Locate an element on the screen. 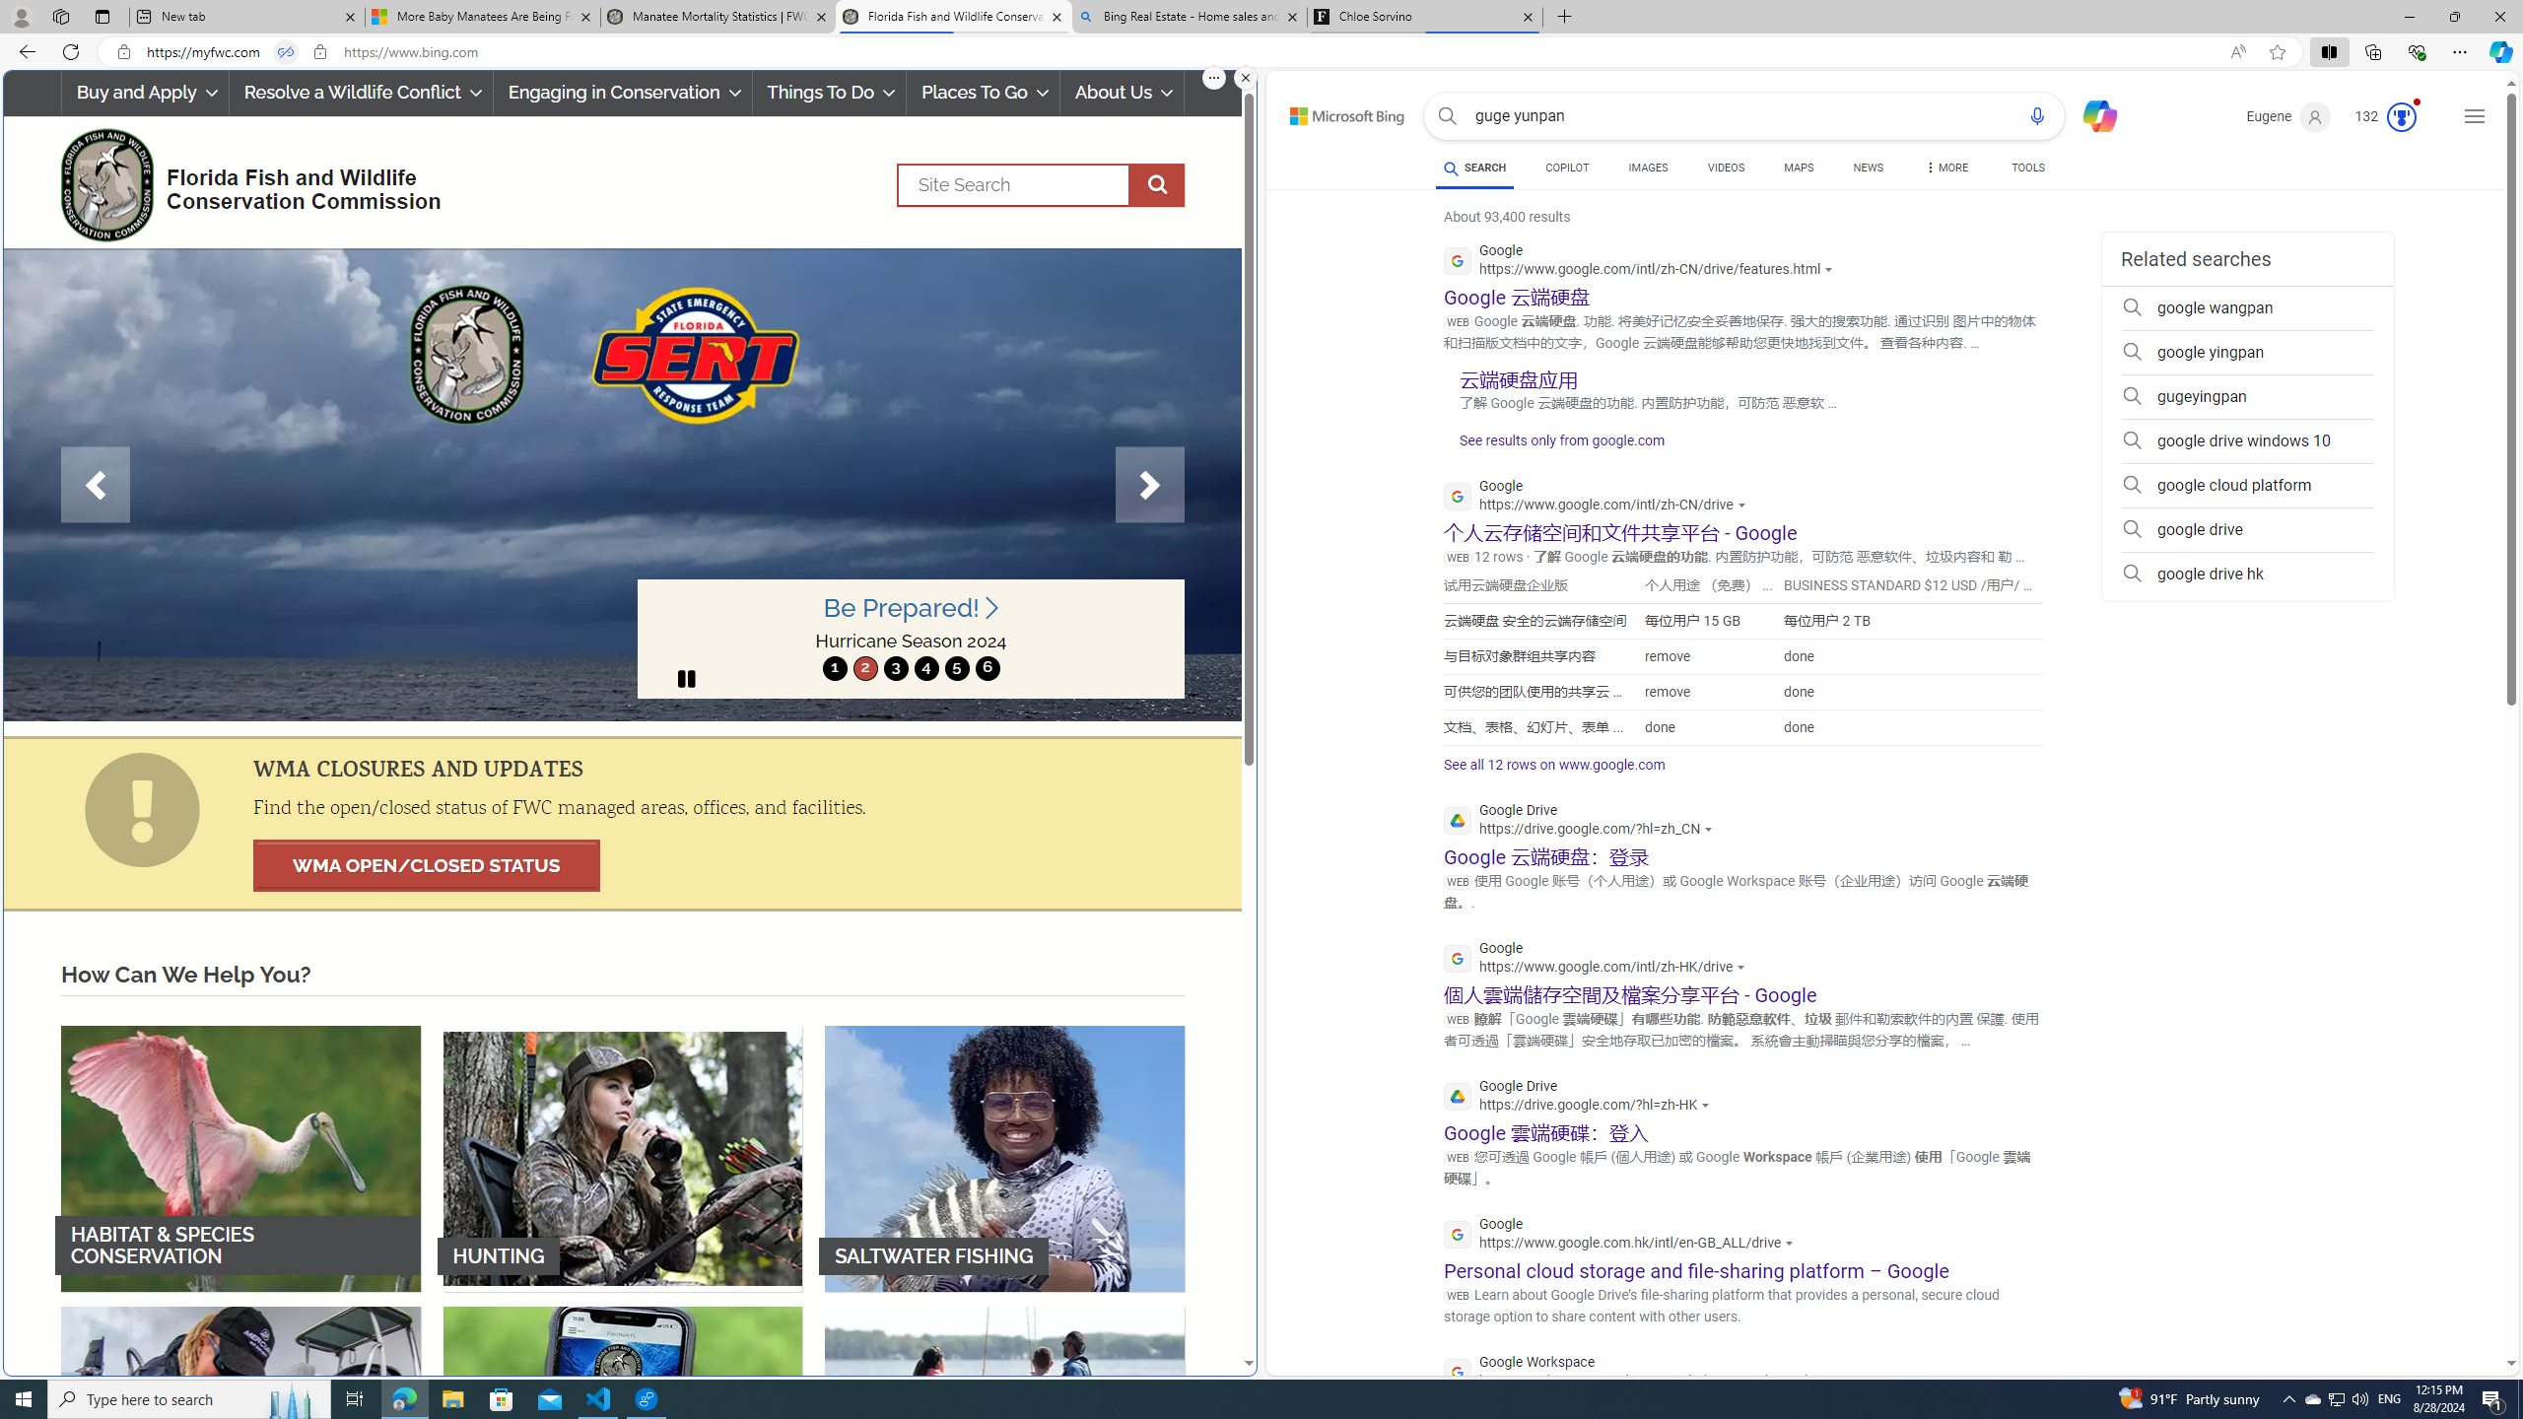 The width and height of the screenshot is (2523, 1419). 'NEWS' is located at coordinates (1868, 167).